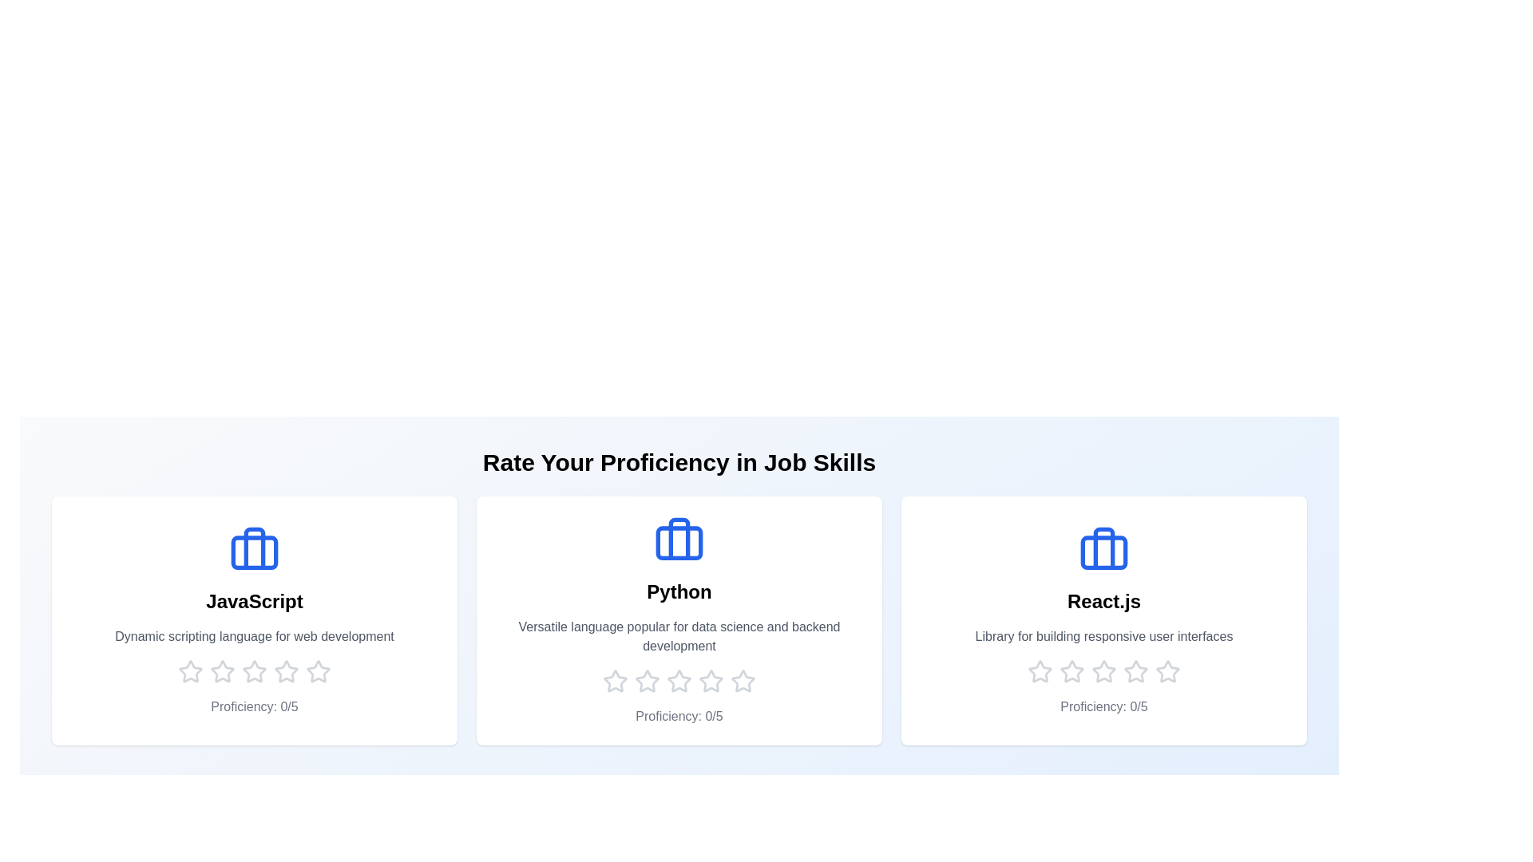 Image resolution: width=1533 pixels, height=862 pixels. Describe the element at coordinates (1103, 620) in the screenshot. I see `the skill card for React.js to see its hover effect` at that location.